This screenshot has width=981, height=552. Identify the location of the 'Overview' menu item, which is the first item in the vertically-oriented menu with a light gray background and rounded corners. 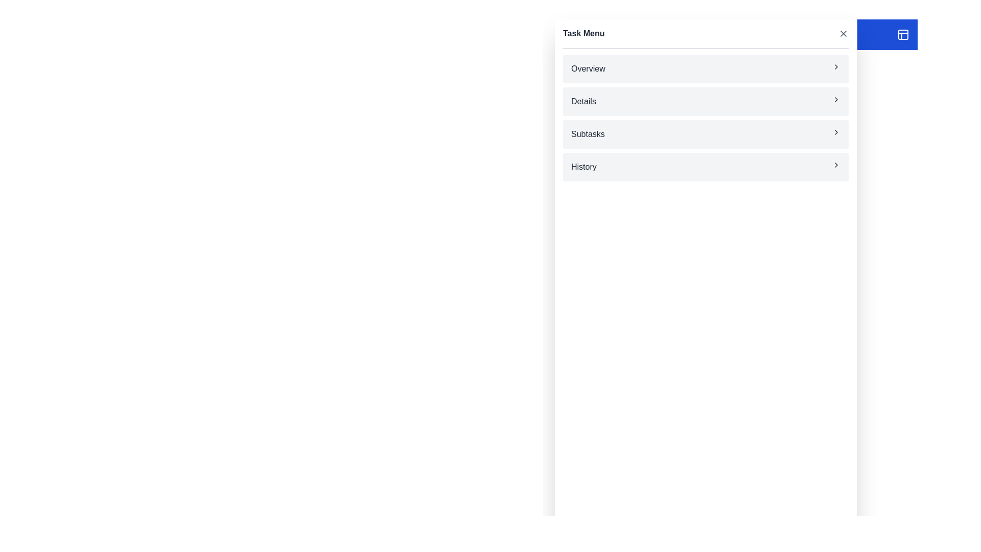
(705, 69).